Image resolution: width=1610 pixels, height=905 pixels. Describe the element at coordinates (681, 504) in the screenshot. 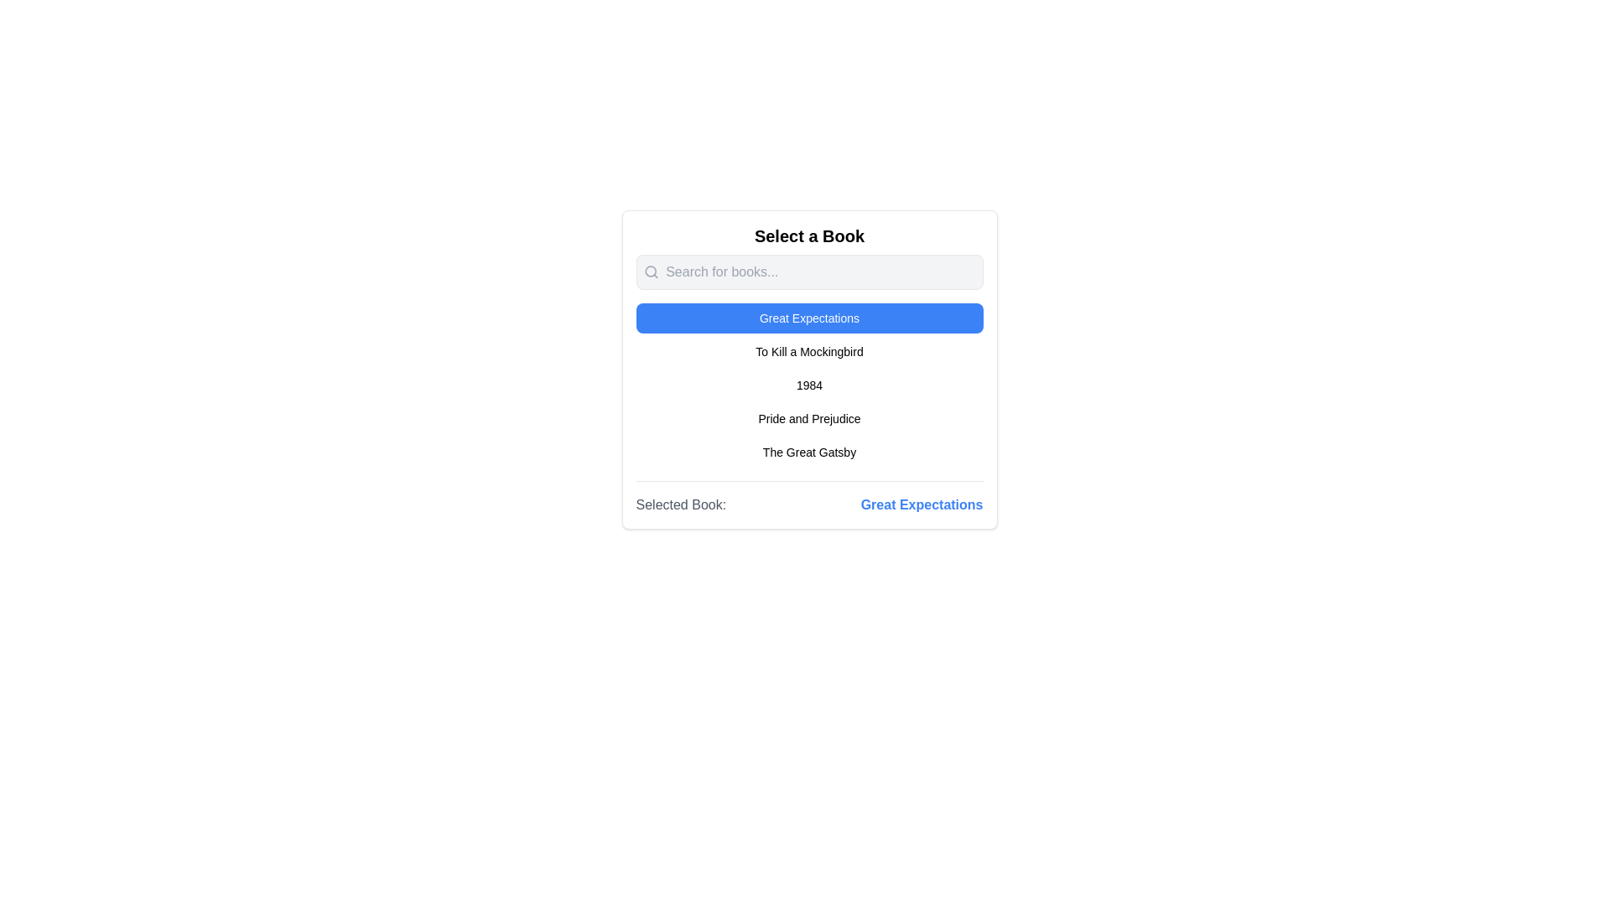

I see `the static text label that reads 'Selected Book:' styled with a gray font color, located in the lower portion of the book selection interface, aligned to the left of the 'Great Expectations' title` at that location.